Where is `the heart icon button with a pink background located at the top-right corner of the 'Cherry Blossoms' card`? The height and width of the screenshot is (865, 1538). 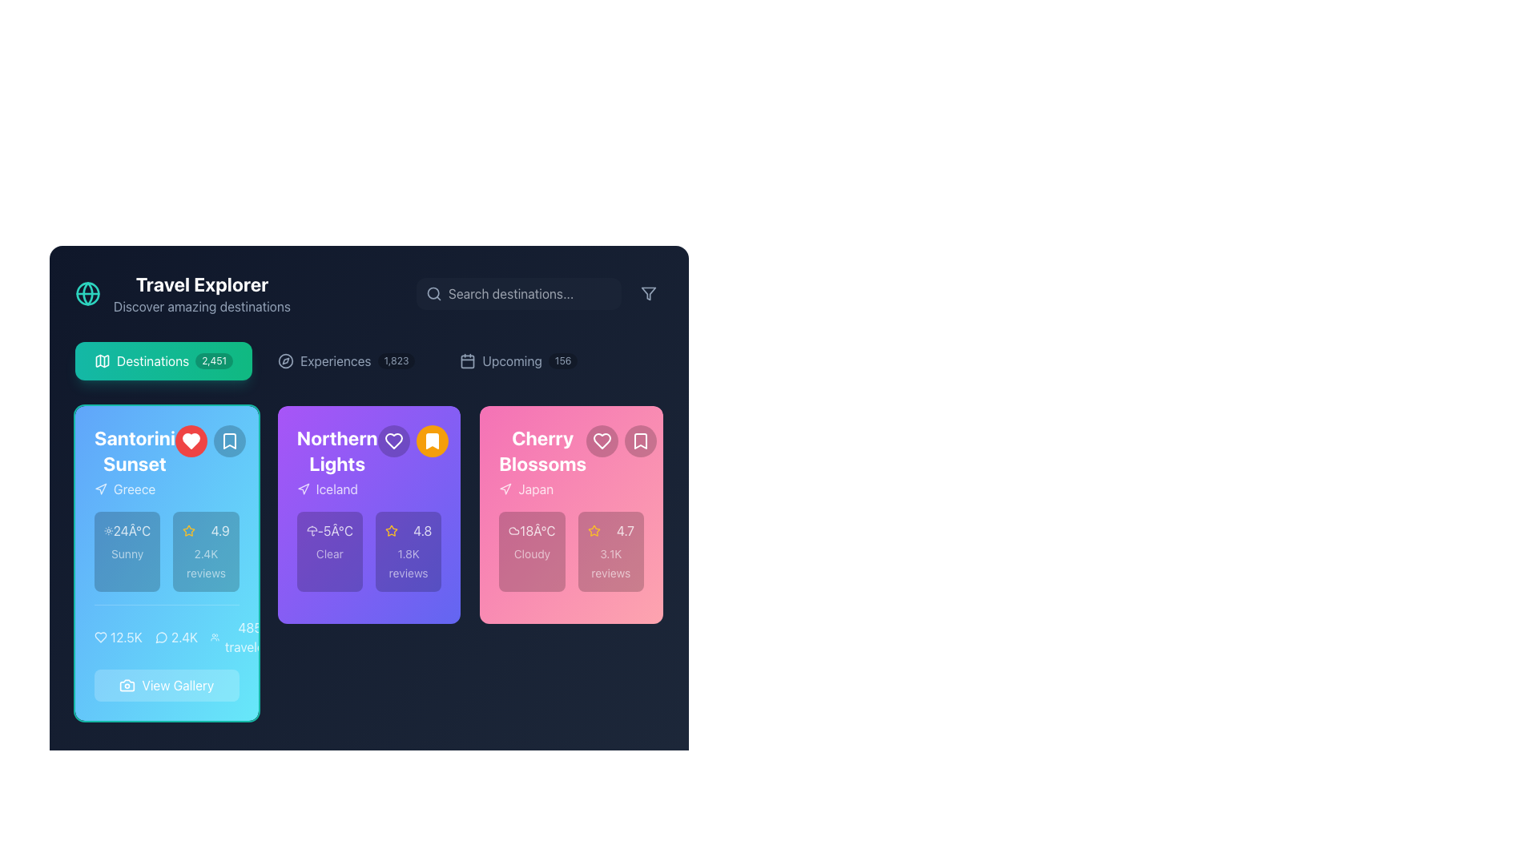
the heart icon button with a pink background located at the top-right corner of the 'Cherry Blossoms' card is located at coordinates (602, 441).